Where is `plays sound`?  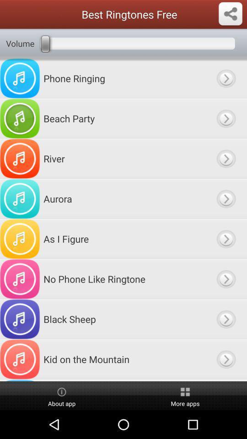
plays sound is located at coordinates (226, 78).